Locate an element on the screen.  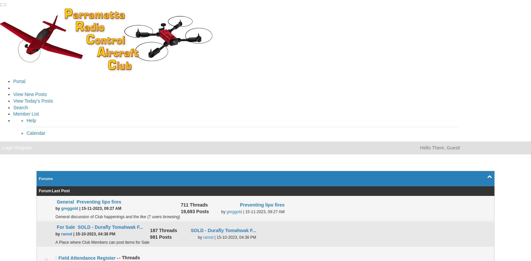
'Hello There, Guest!' is located at coordinates (439, 147).